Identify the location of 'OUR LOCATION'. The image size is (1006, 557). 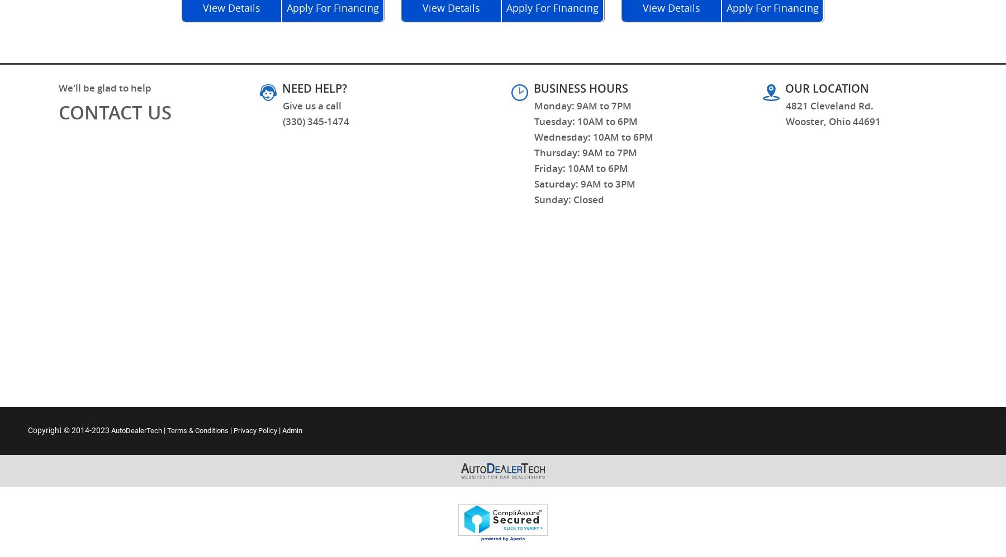
(827, 88).